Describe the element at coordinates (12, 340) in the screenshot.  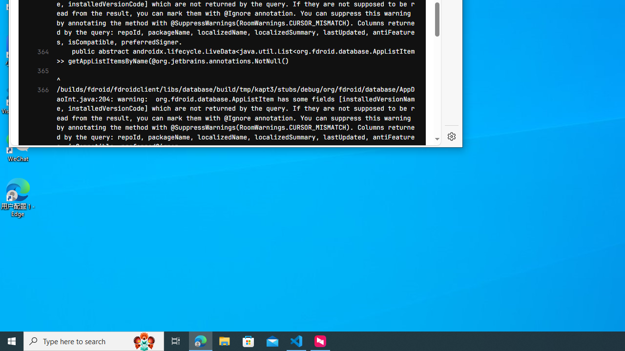
I see `'Start'` at that location.